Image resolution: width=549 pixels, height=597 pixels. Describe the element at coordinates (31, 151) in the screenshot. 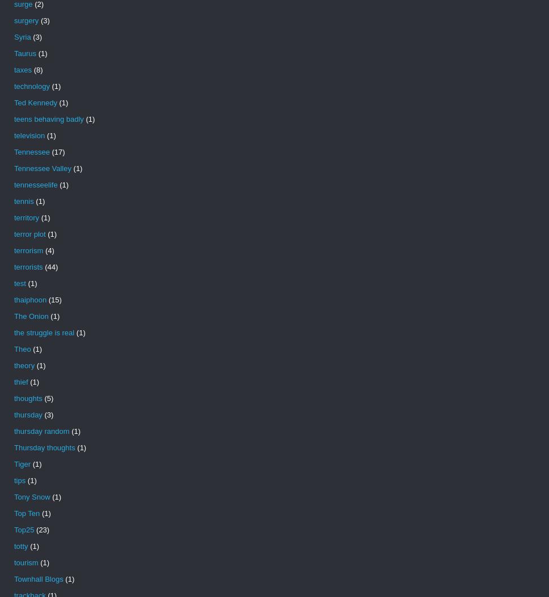

I see `'Tennessee'` at that location.